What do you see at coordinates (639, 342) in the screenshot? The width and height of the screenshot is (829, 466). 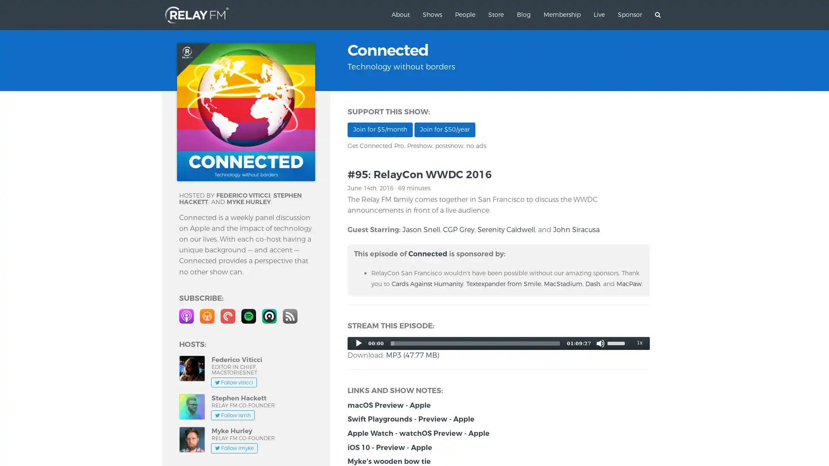 I see `Speed Rate` at bounding box center [639, 342].